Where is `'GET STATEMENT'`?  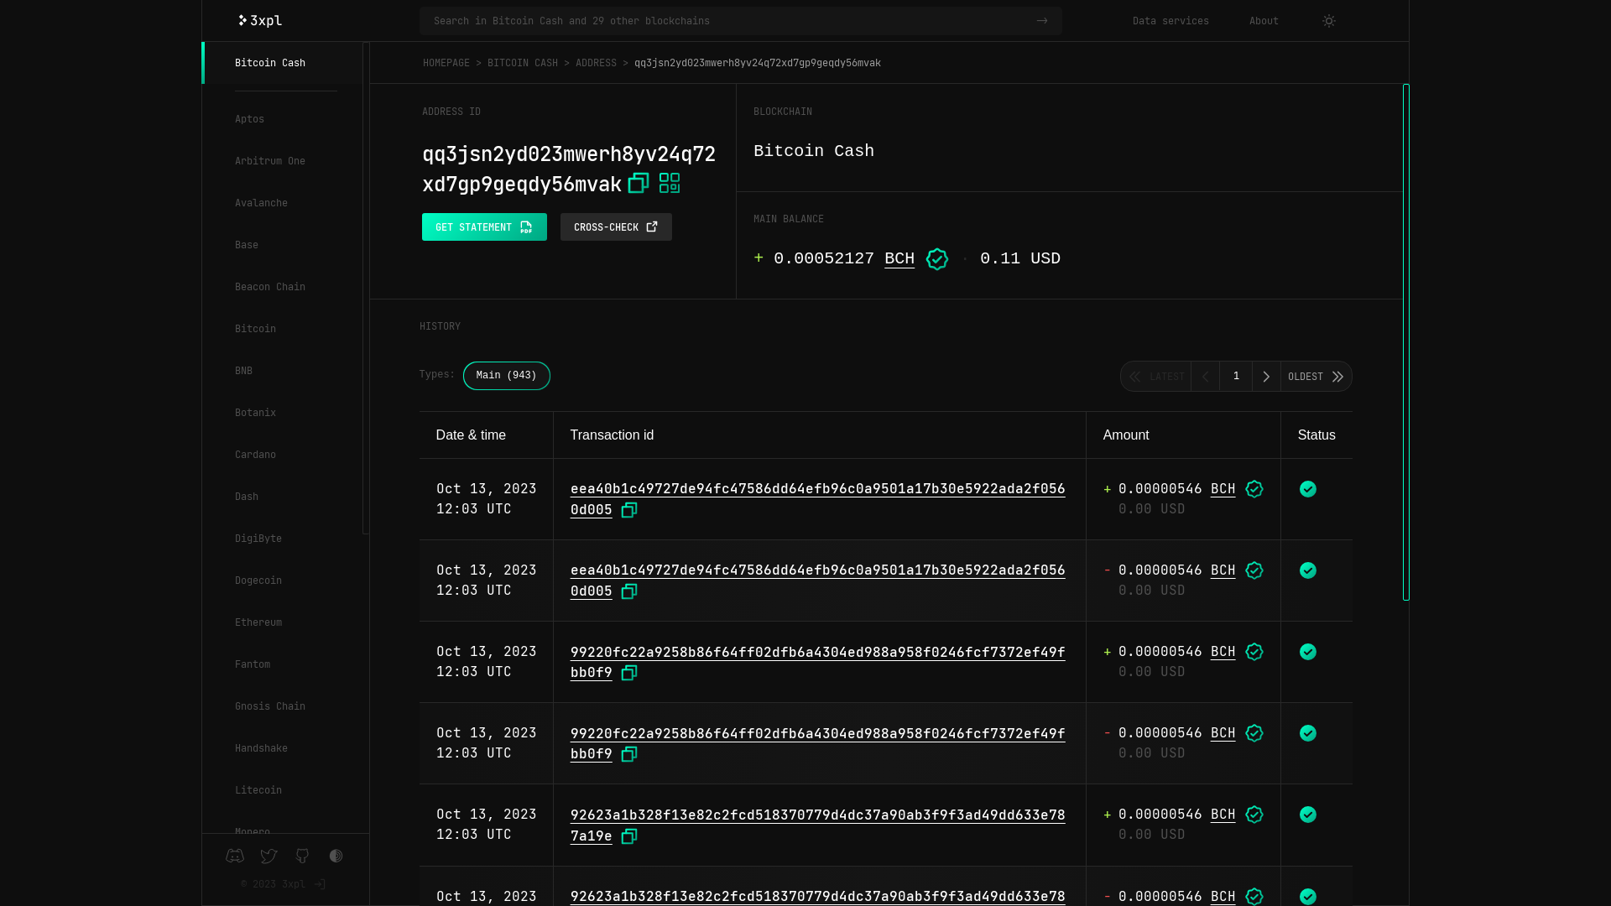 'GET STATEMENT' is located at coordinates (483, 226).